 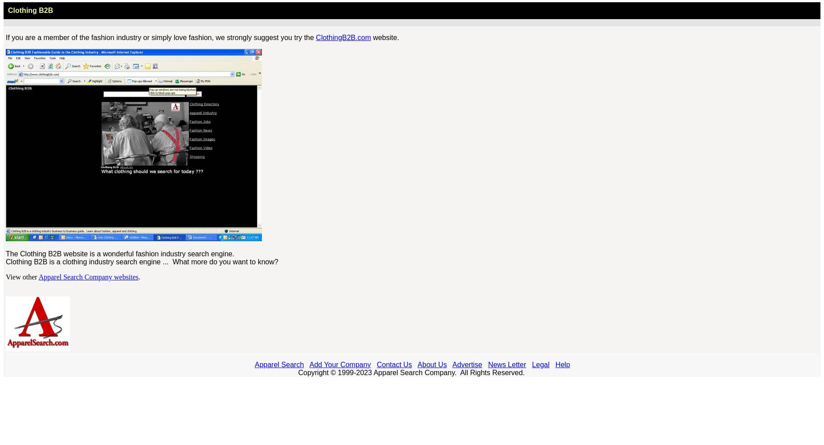 I want to click on 'ClothingB2B.com', so click(x=343, y=37).